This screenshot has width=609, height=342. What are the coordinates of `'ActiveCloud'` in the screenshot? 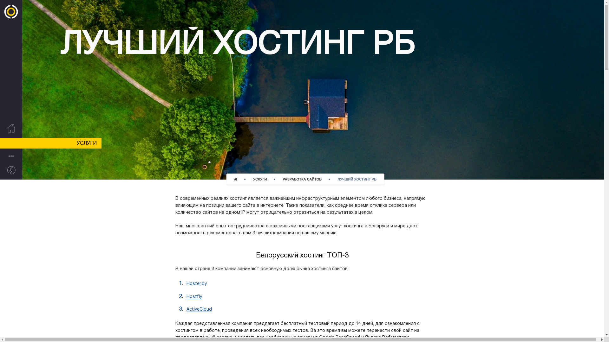 It's located at (199, 309).